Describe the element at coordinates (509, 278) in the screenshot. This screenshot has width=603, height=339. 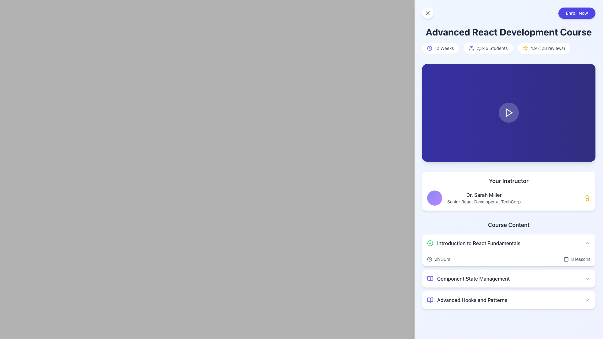
I see `the second item in the 'Course Content' section, which represents a course module in the course outline, to receive interaction feedback` at that location.